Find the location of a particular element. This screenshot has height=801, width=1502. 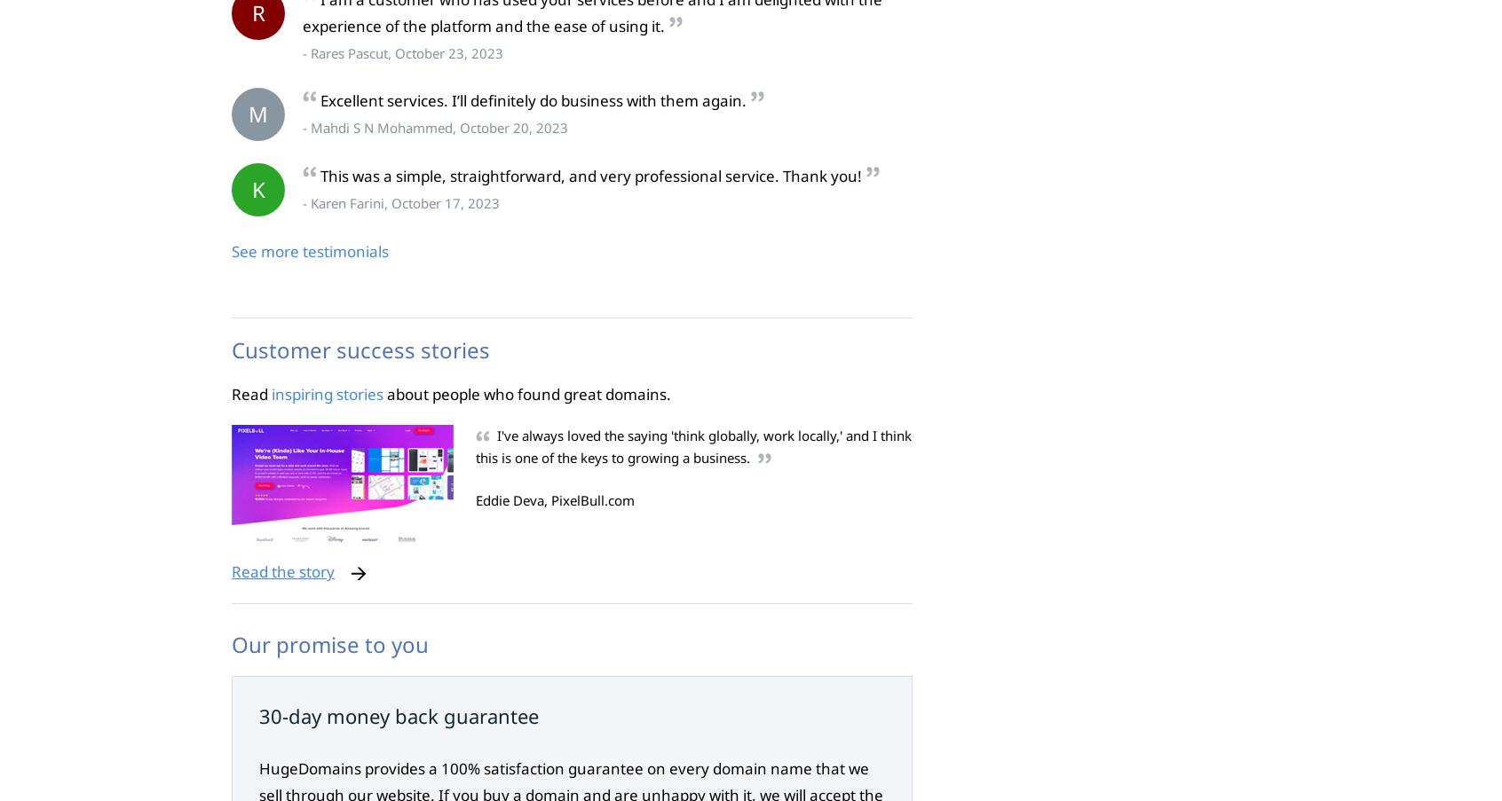

'Customer success stories' is located at coordinates (232, 348).